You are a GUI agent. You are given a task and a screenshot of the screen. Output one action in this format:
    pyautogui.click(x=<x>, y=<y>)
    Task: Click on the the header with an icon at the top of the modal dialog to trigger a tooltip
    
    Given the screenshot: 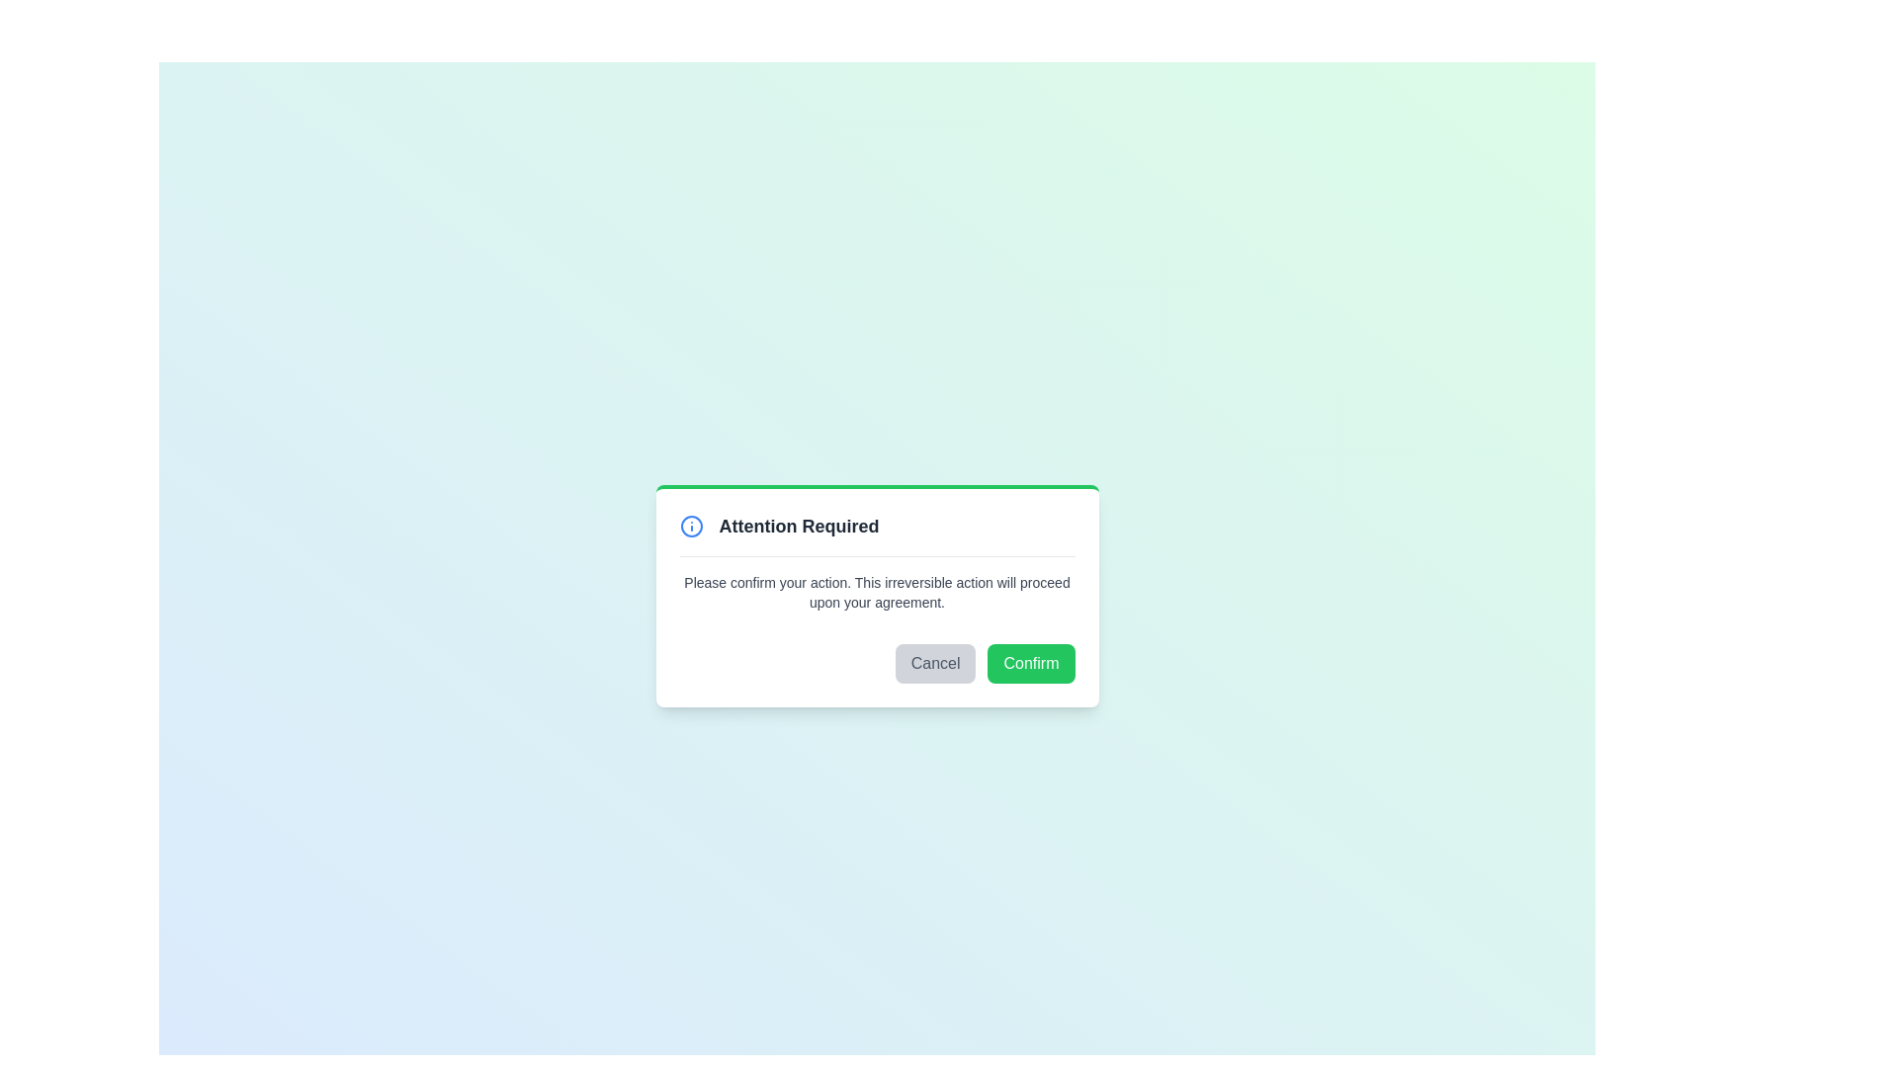 What is the action you would take?
    pyautogui.click(x=876, y=533)
    